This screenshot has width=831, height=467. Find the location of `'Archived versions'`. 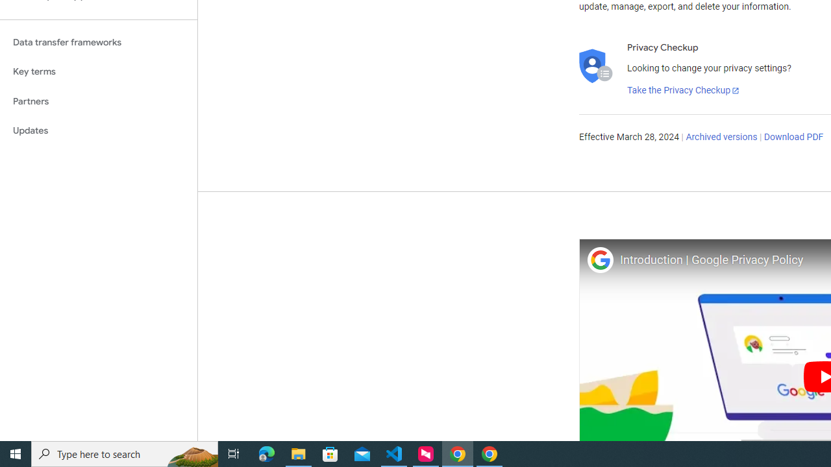

'Archived versions' is located at coordinates (721, 138).